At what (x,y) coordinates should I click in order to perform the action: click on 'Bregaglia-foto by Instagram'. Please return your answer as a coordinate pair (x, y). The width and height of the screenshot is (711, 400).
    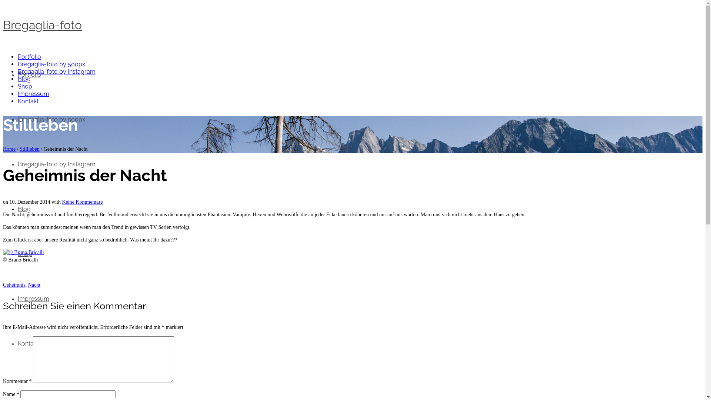
    Looking at the image, I should click on (56, 164).